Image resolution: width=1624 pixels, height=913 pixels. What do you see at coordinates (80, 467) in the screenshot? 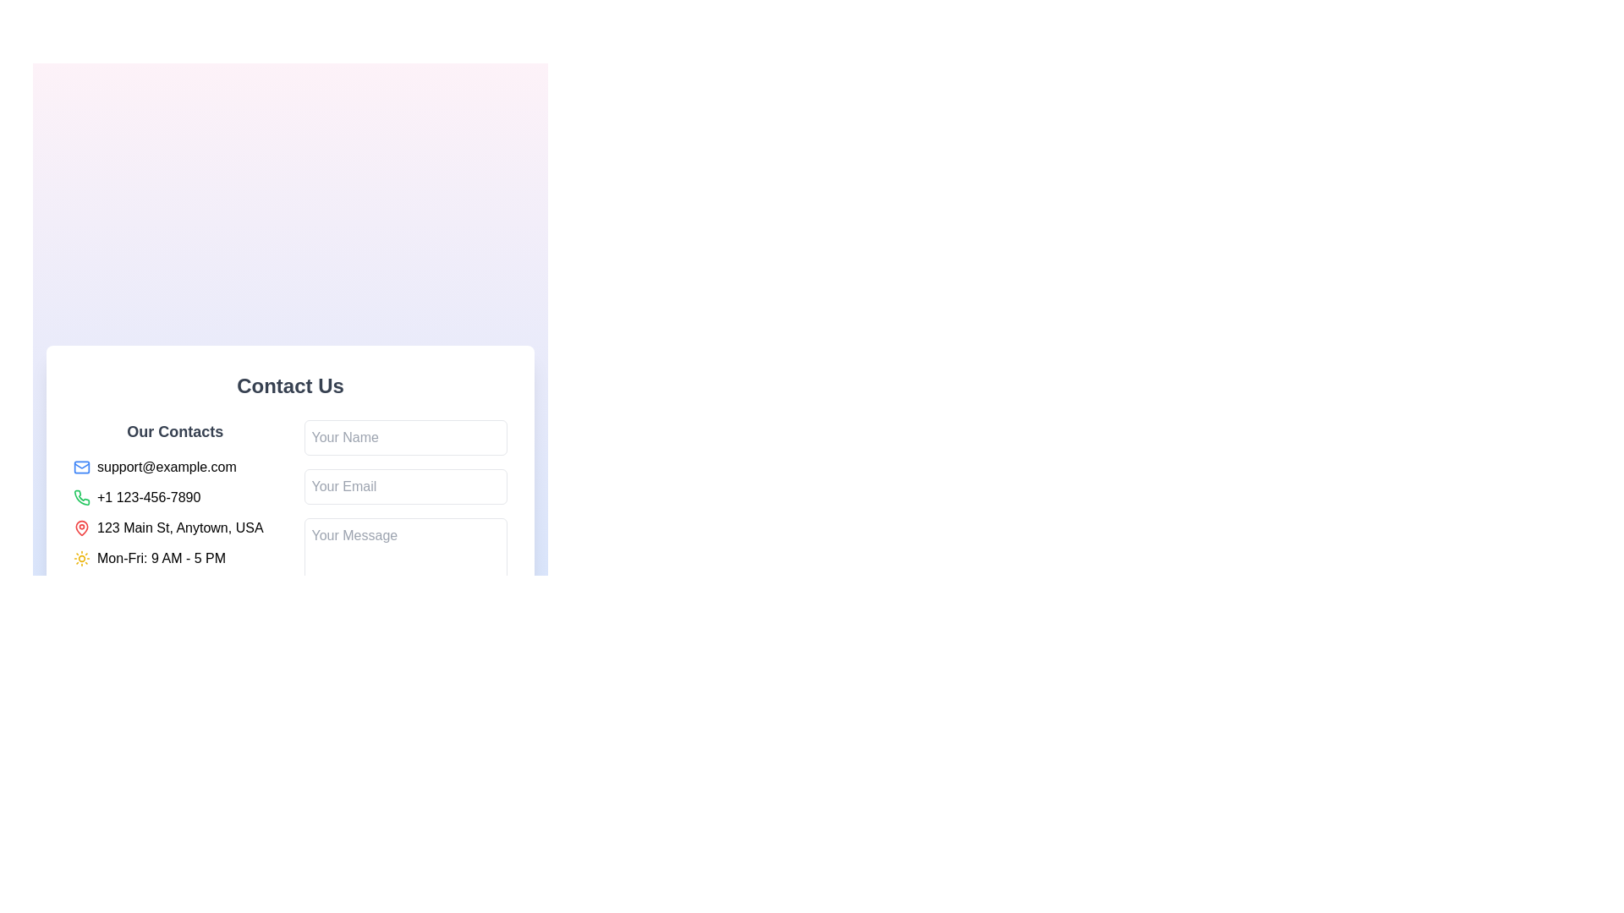
I see `the email graphic icon located in the 'Our Contacts' section, which is the first icon preceding the text 'support@example.com'` at bounding box center [80, 467].